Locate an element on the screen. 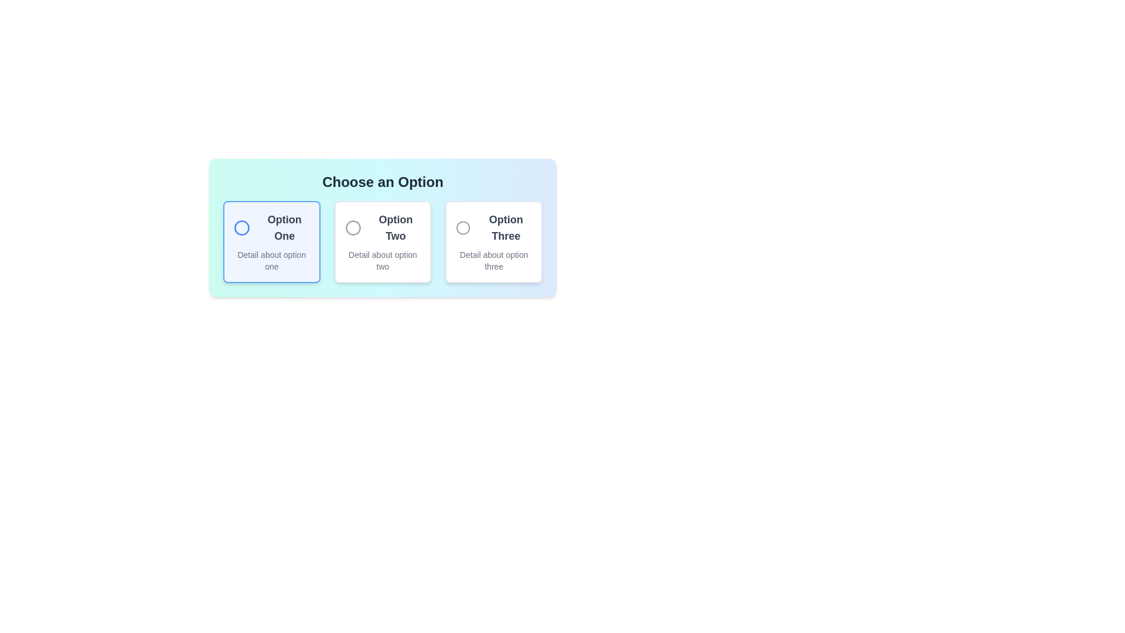  the radio button icon for 'Option Three' to provide visual feedback is located at coordinates (463, 228).